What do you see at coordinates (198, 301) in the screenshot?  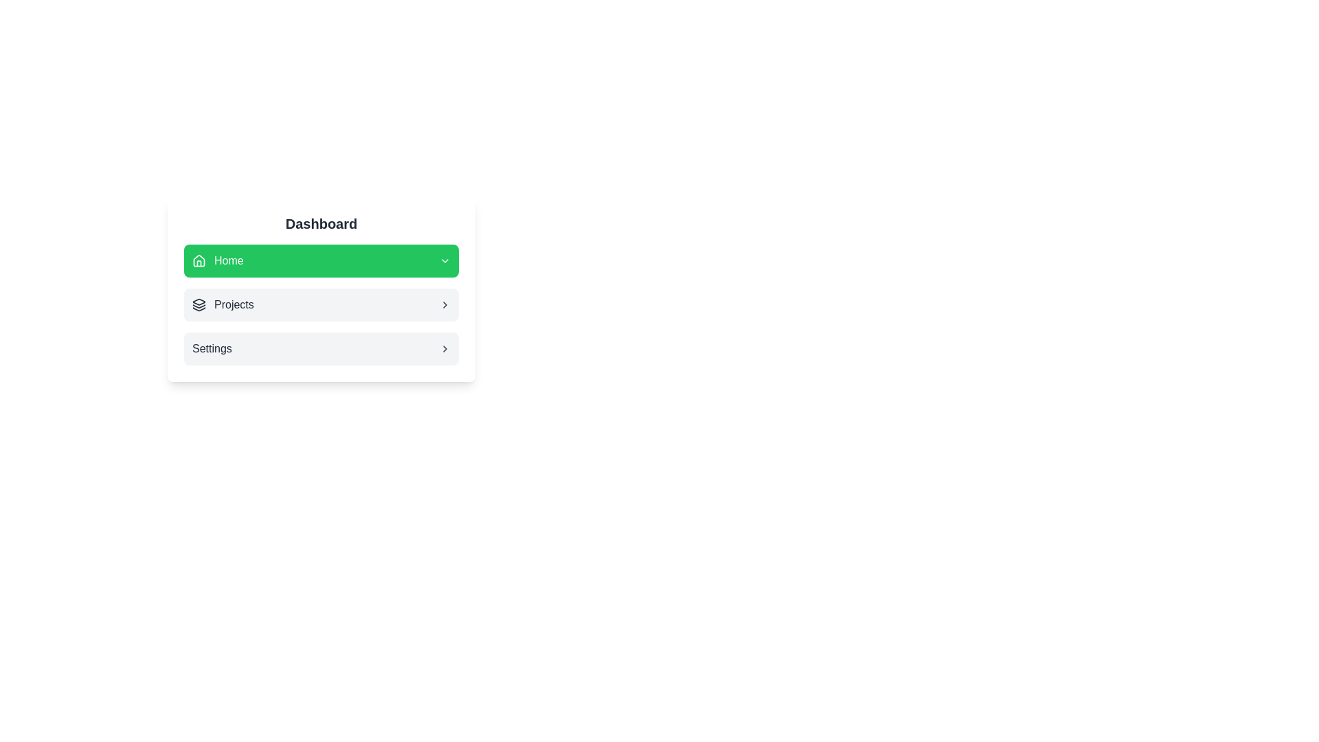 I see `the decorative icon representing layers within the SVG graphic on the Dashboard UI` at bounding box center [198, 301].